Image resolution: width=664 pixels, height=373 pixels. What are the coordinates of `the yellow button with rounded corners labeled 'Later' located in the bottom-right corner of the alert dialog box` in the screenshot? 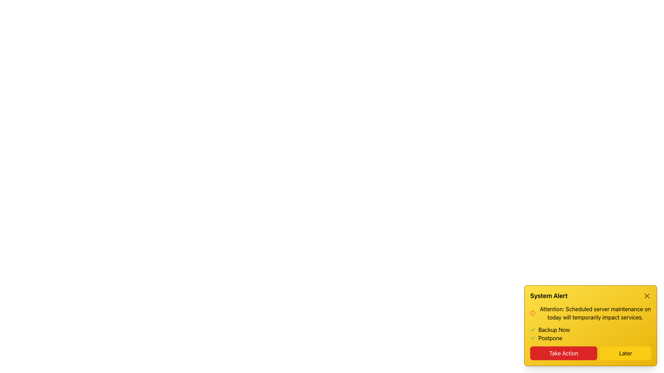 It's located at (626, 353).